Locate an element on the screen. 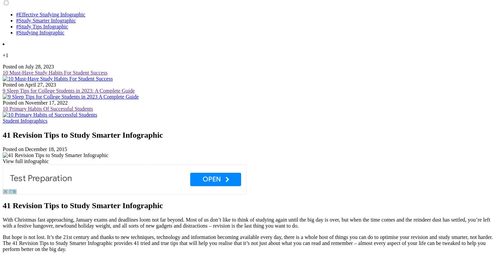 Image resolution: width=501 pixels, height=258 pixels. '10 Must-Have Study Habits For Student Success' is located at coordinates (54, 73).